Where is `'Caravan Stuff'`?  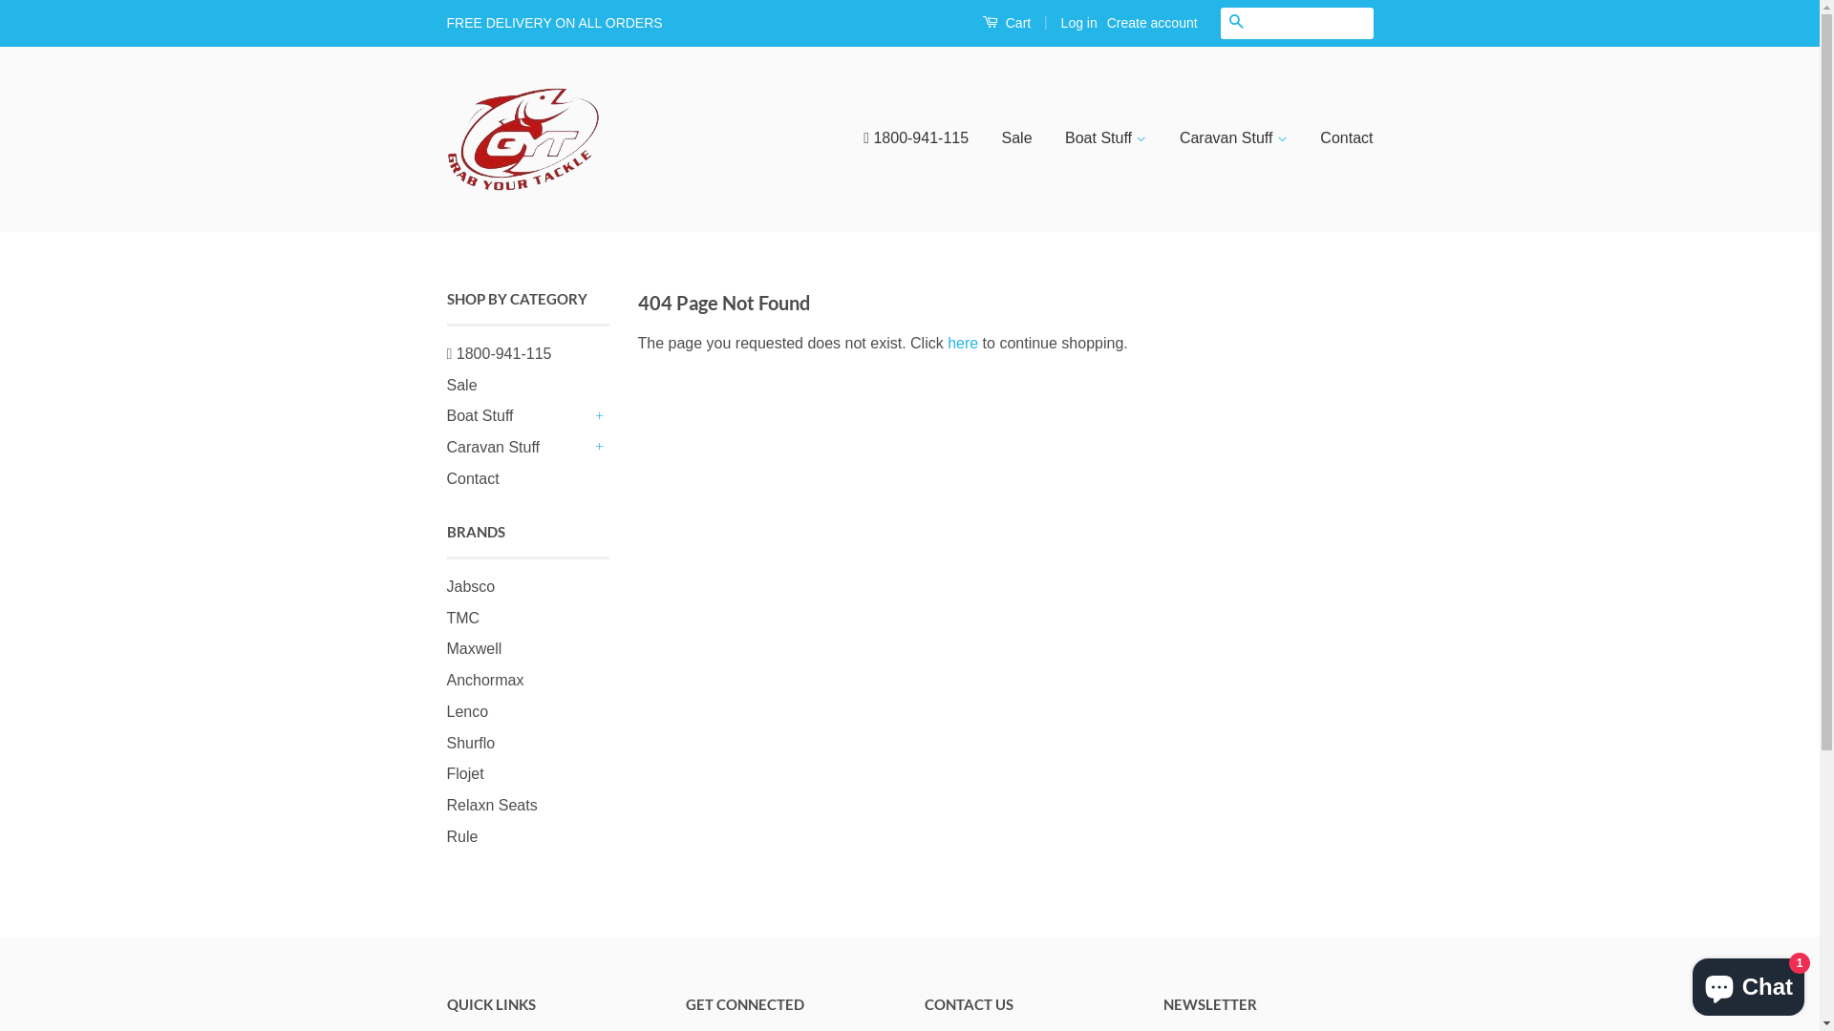 'Caravan Stuff' is located at coordinates (445, 448).